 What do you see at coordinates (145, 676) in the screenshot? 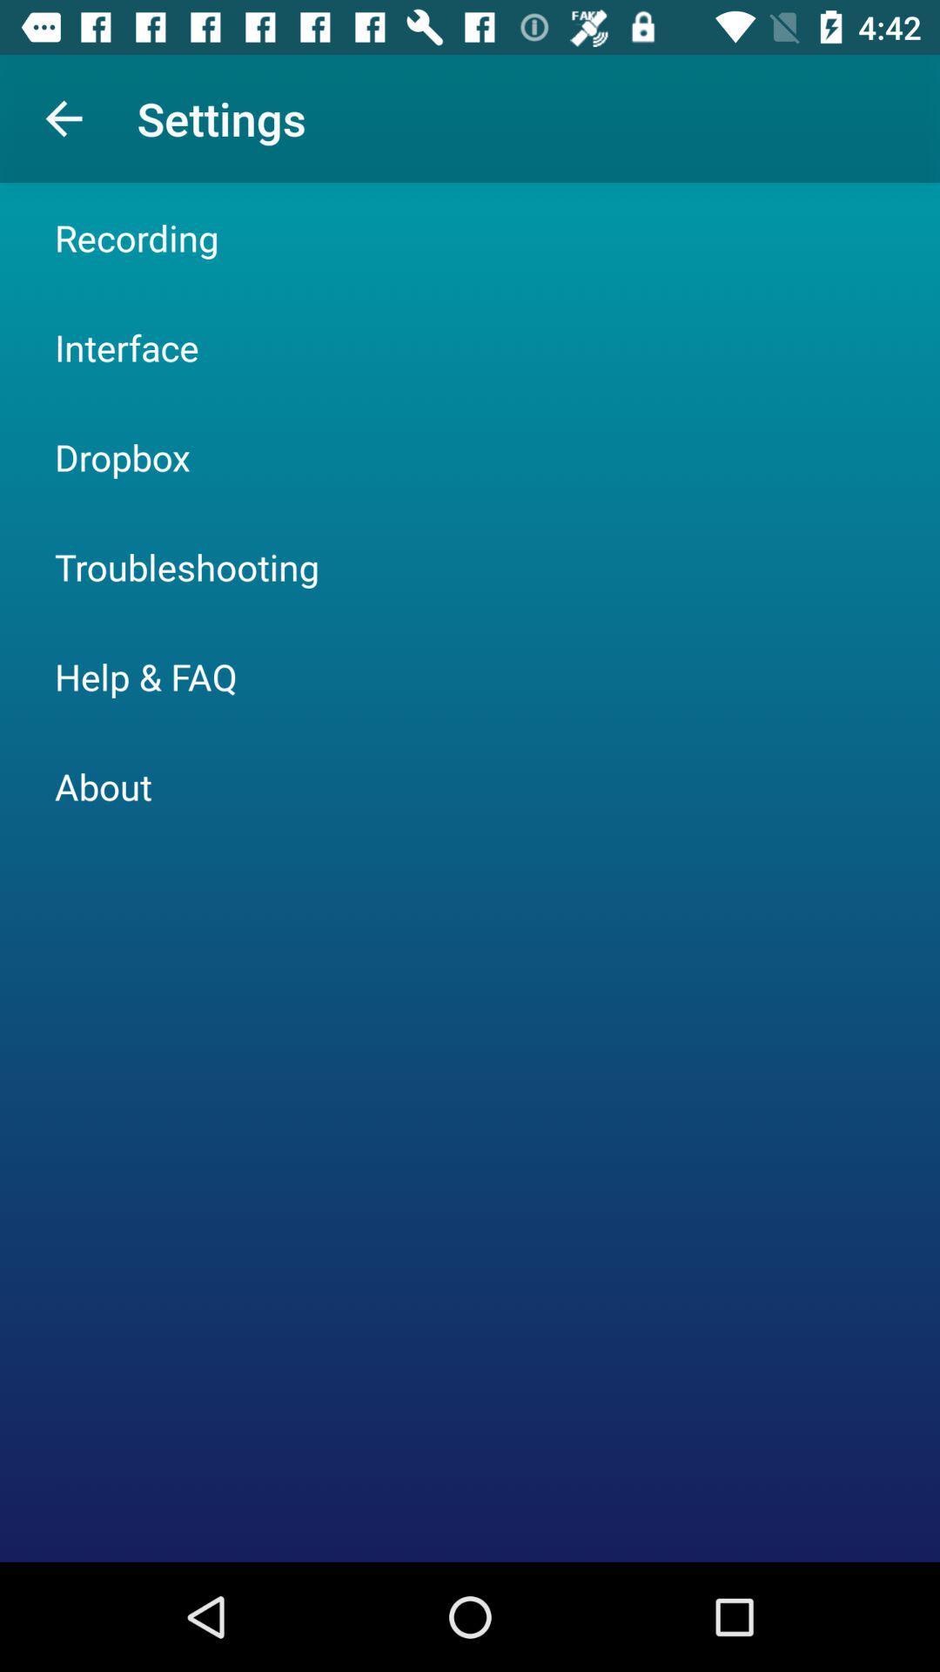
I see `the icon above the about icon` at bounding box center [145, 676].